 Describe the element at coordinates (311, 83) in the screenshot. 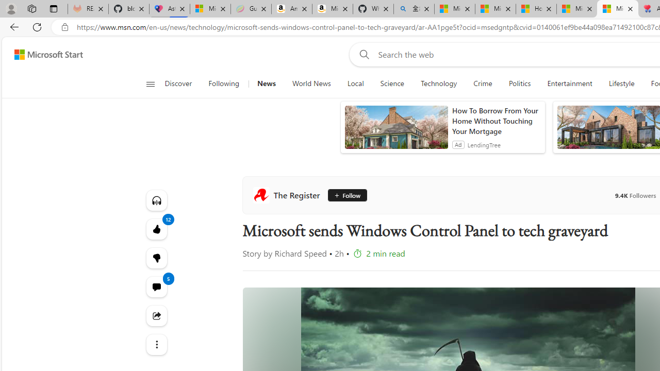

I see `'World News'` at that location.